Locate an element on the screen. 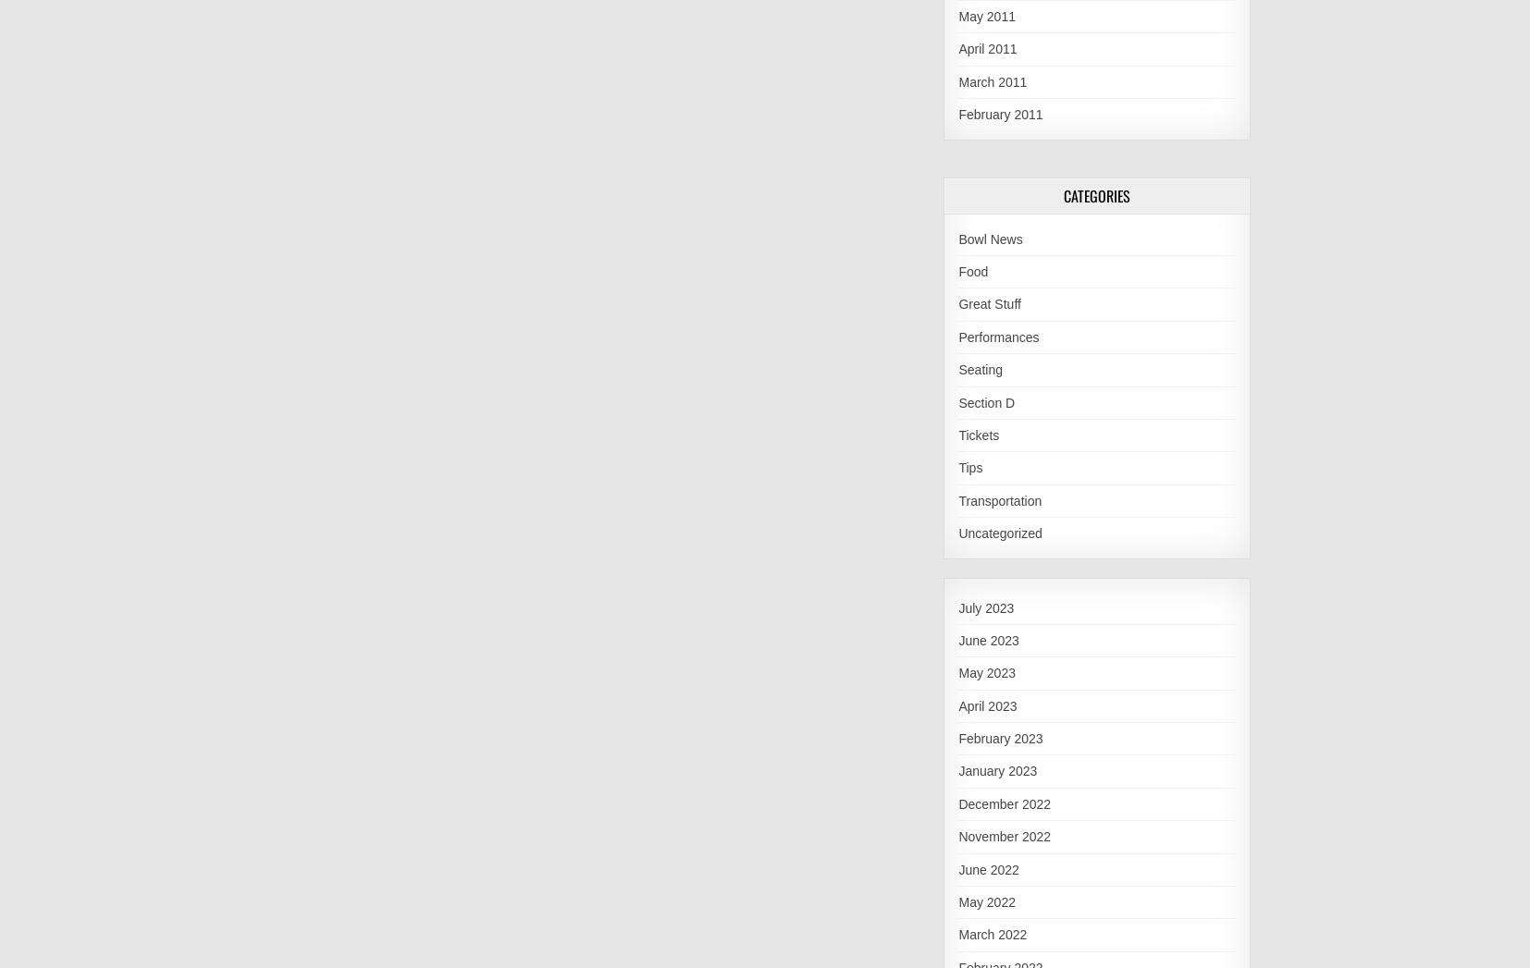 The height and width of the screenshot is (968, 1530). 'January 2023' is located at coordinates (996, 771).